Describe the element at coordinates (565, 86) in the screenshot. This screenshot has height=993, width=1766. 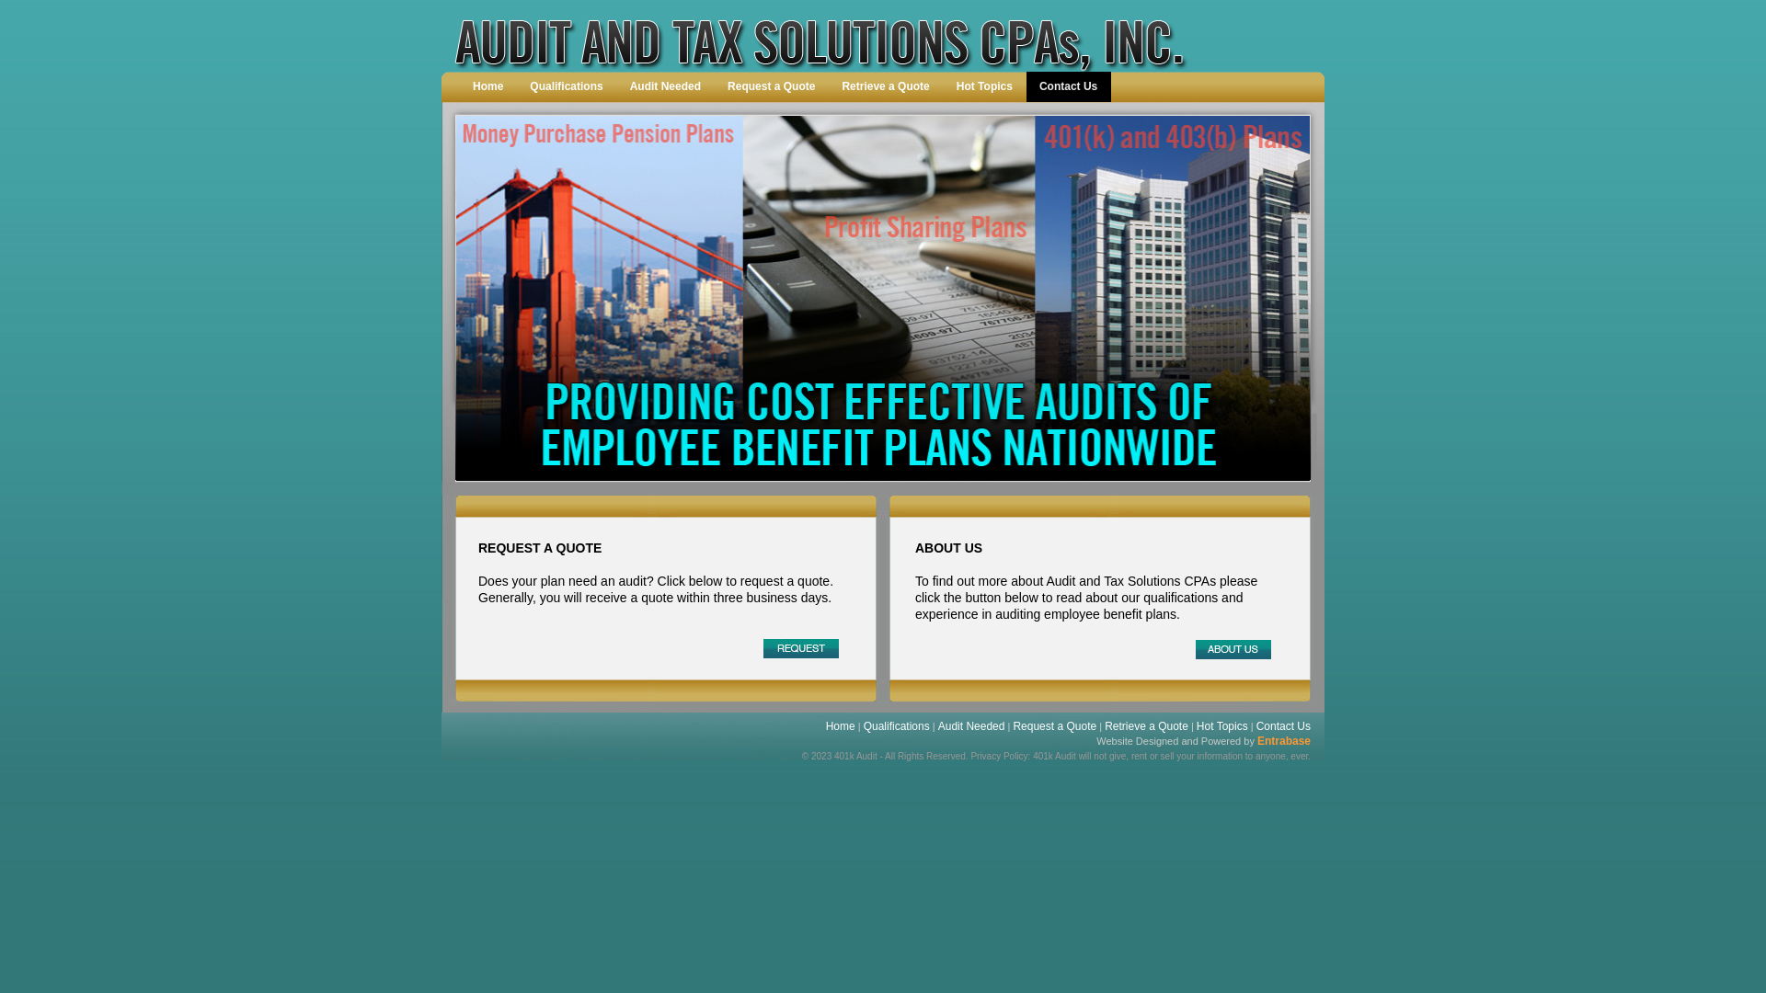
I see `'Qualifications'` at that location.